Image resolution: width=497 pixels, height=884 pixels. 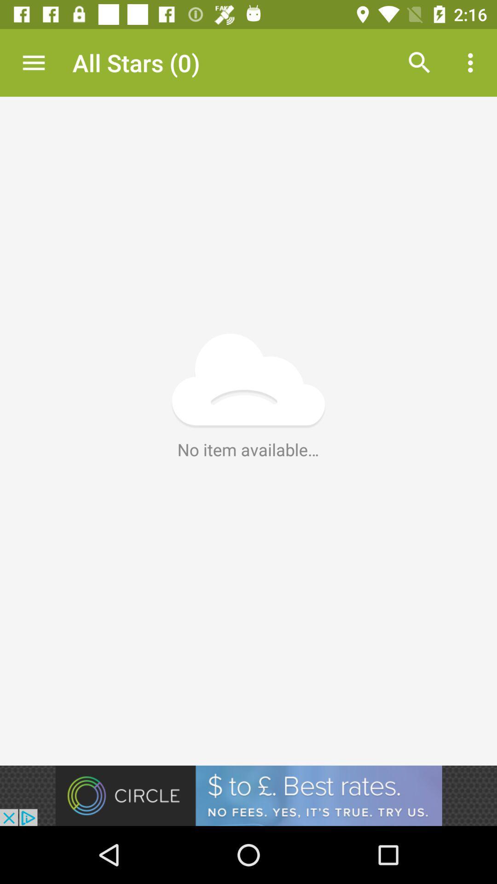 I want to click on open advertisement, so click(x=248, y=795).